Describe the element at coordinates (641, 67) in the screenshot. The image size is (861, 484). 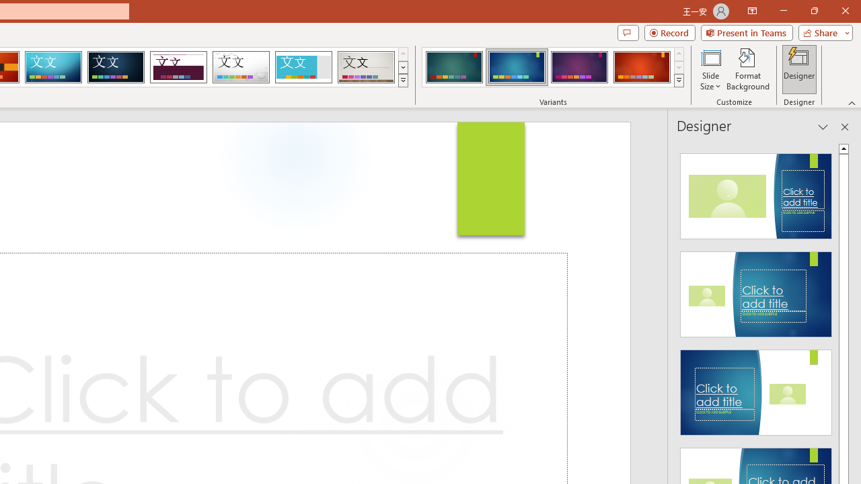
I see `'Ion Variant 4'` at that location.